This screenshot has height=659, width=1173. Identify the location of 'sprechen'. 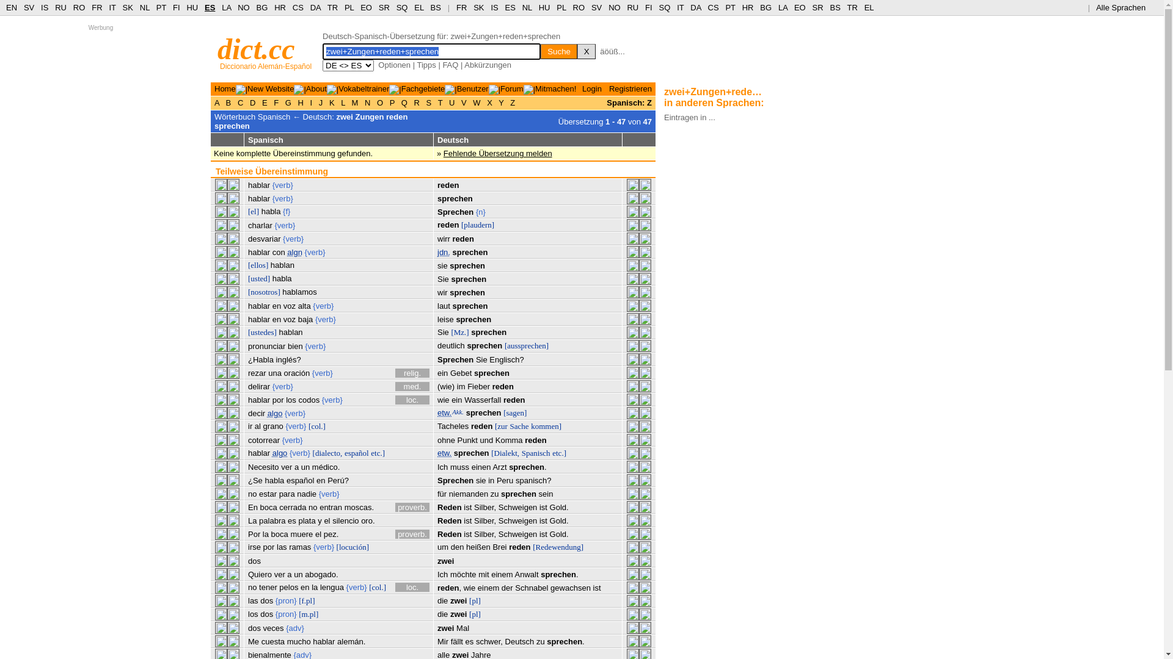
(451, 251).